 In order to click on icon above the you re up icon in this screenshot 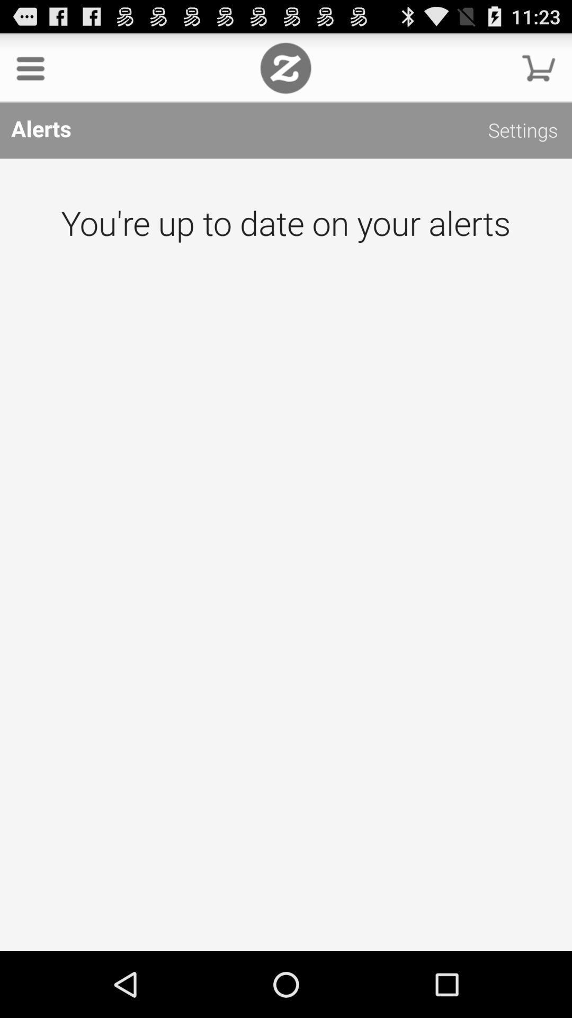, I will do `click(522, 131)`.